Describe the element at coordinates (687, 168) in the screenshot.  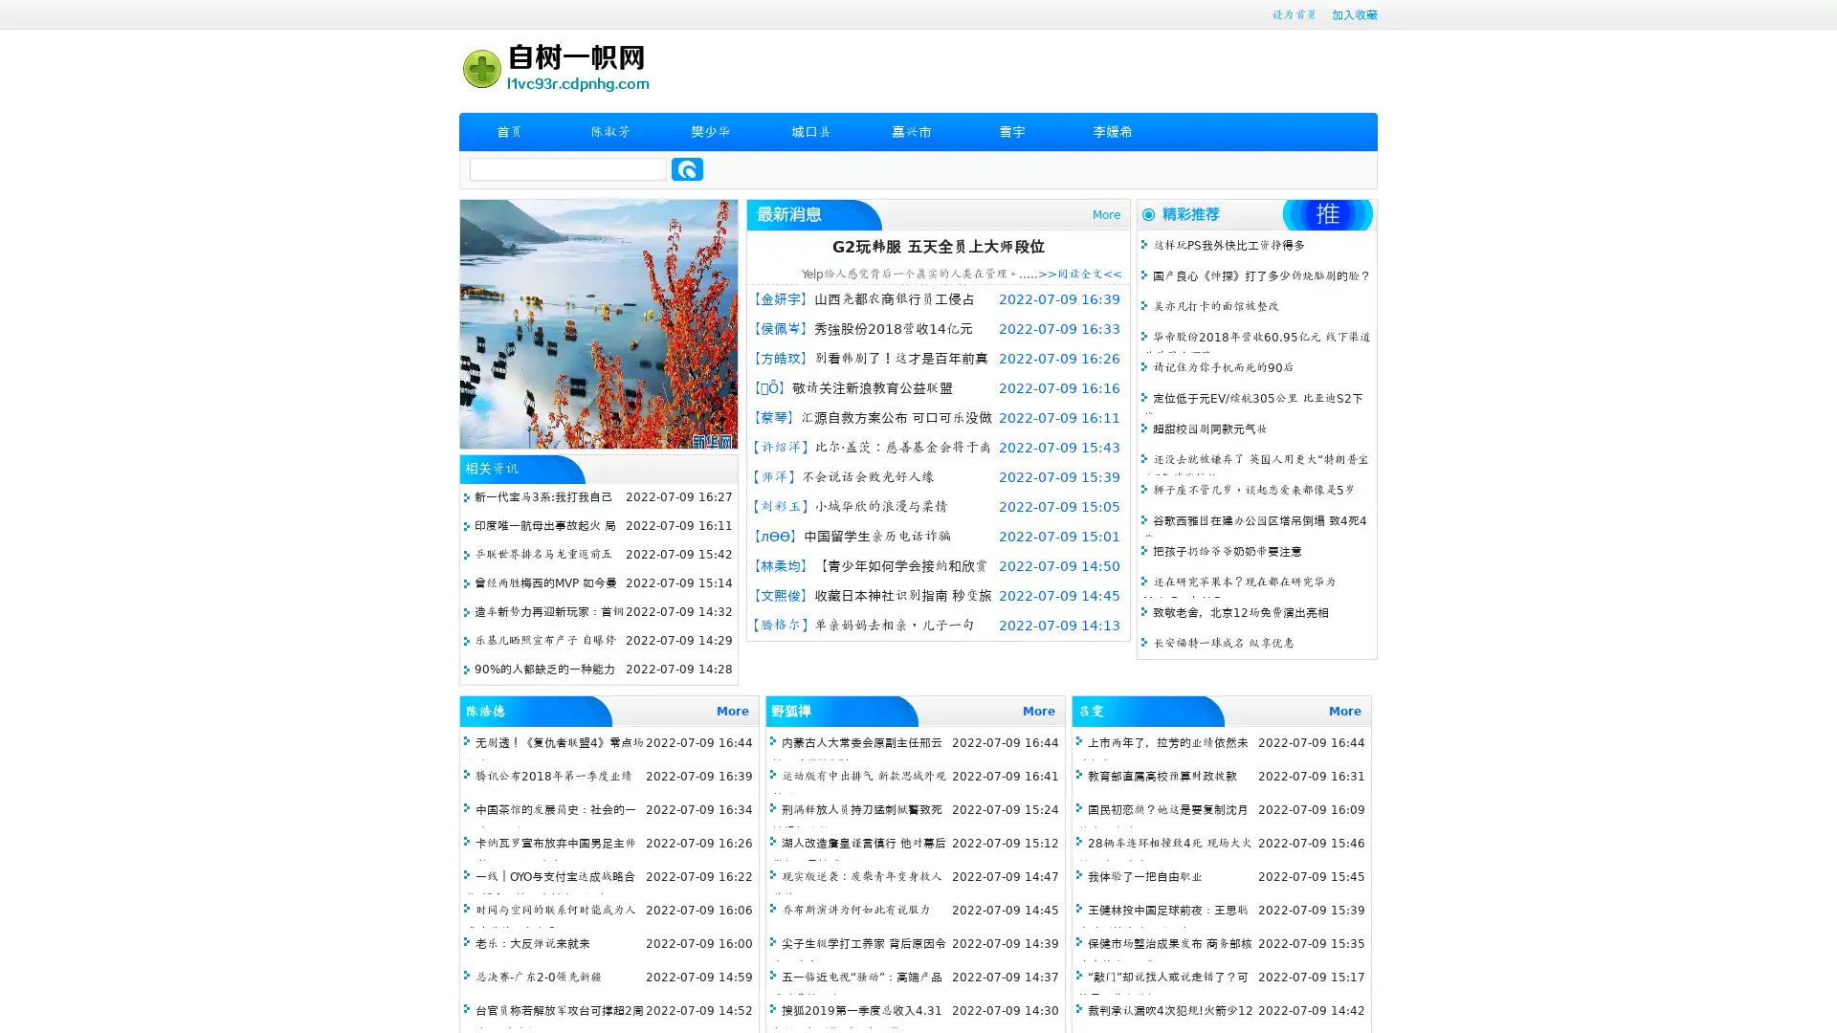
I see `Search` at that location.